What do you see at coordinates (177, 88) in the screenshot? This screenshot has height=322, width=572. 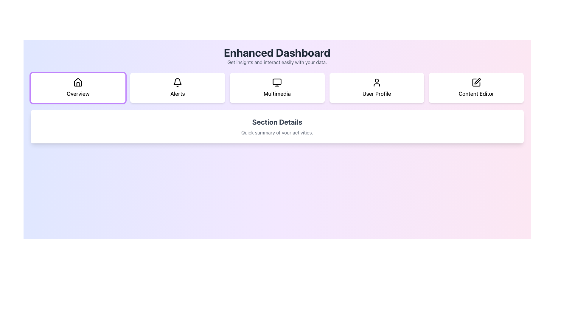 I see `the 'Alerts' navigation button, which is the second button in a horizontal row of buttons` at bounding box center [177, 88].